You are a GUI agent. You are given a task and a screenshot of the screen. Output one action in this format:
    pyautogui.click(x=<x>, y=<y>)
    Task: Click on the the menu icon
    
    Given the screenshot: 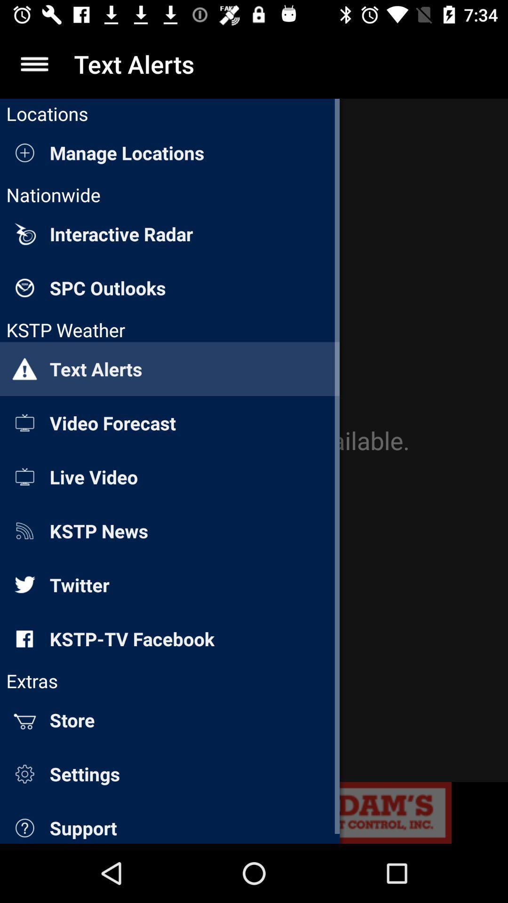 What is the action you would take?
    pyautogui.click(x=34, y=63)
    